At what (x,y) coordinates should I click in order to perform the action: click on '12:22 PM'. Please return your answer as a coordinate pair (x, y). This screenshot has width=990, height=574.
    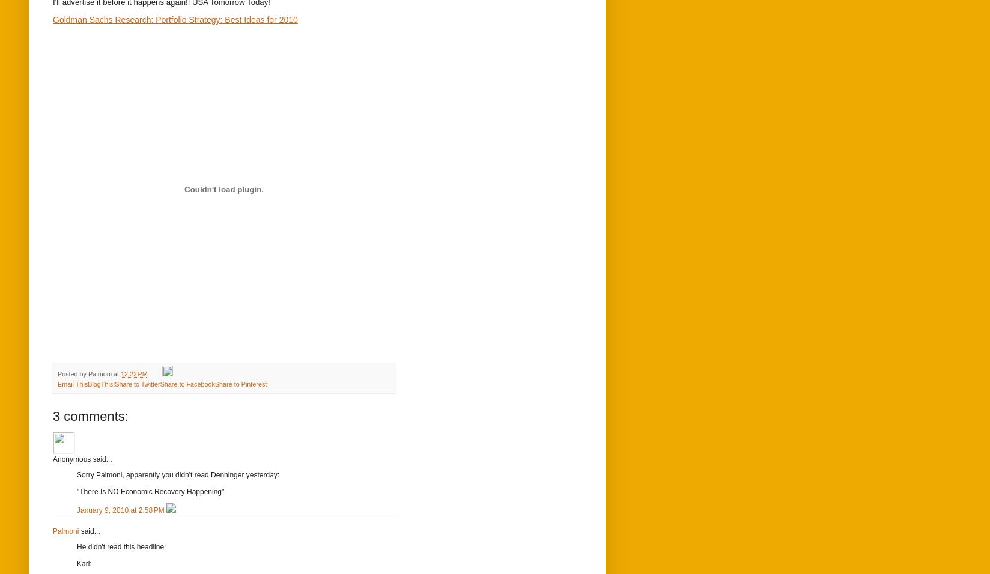
    Looking at the image, I should click on (133, 374).